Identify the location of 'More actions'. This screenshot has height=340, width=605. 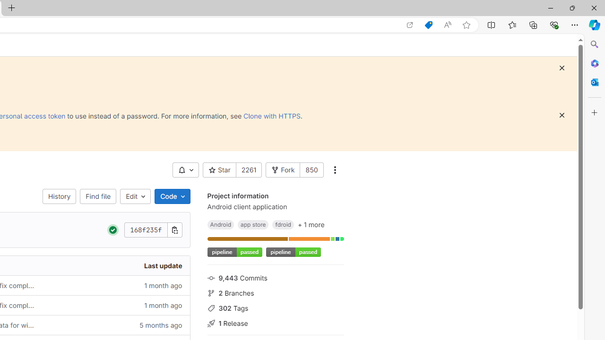
(335, 170).